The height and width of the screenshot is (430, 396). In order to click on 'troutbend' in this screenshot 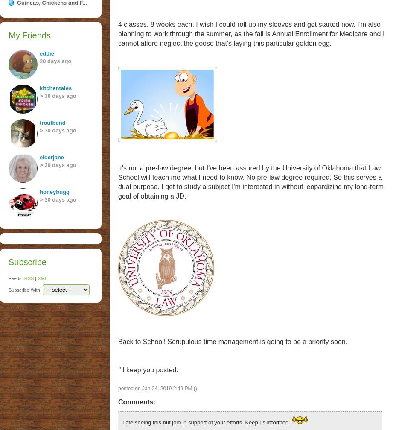, I will do `click(39, 123)`.